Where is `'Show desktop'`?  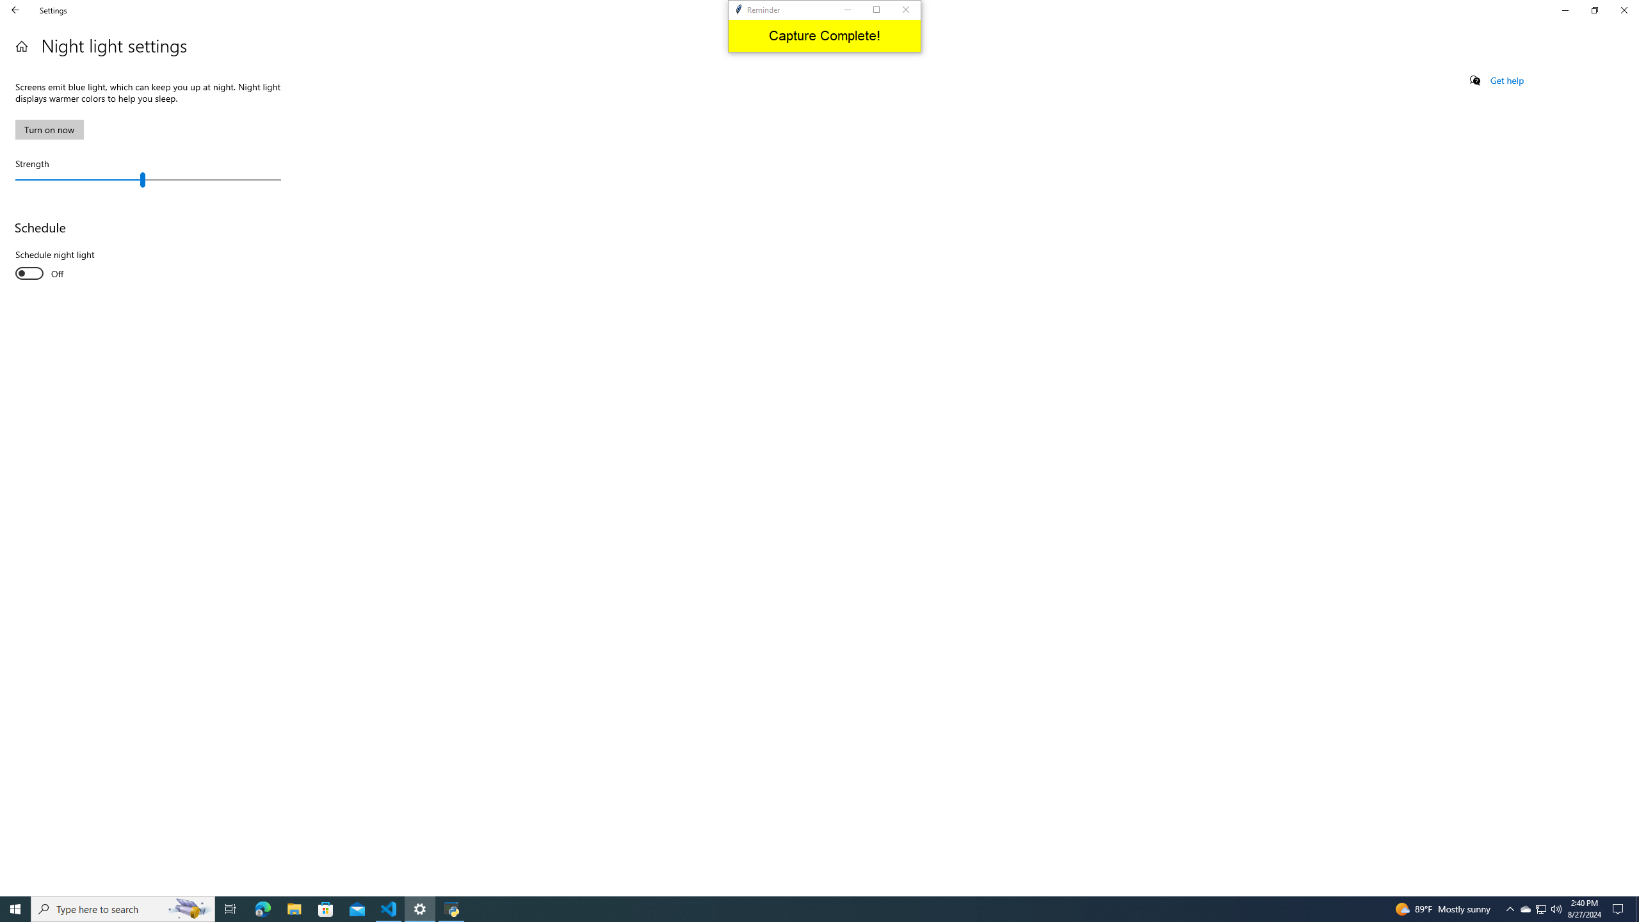
'Show desktop' is located at coordinates (1636, 908).